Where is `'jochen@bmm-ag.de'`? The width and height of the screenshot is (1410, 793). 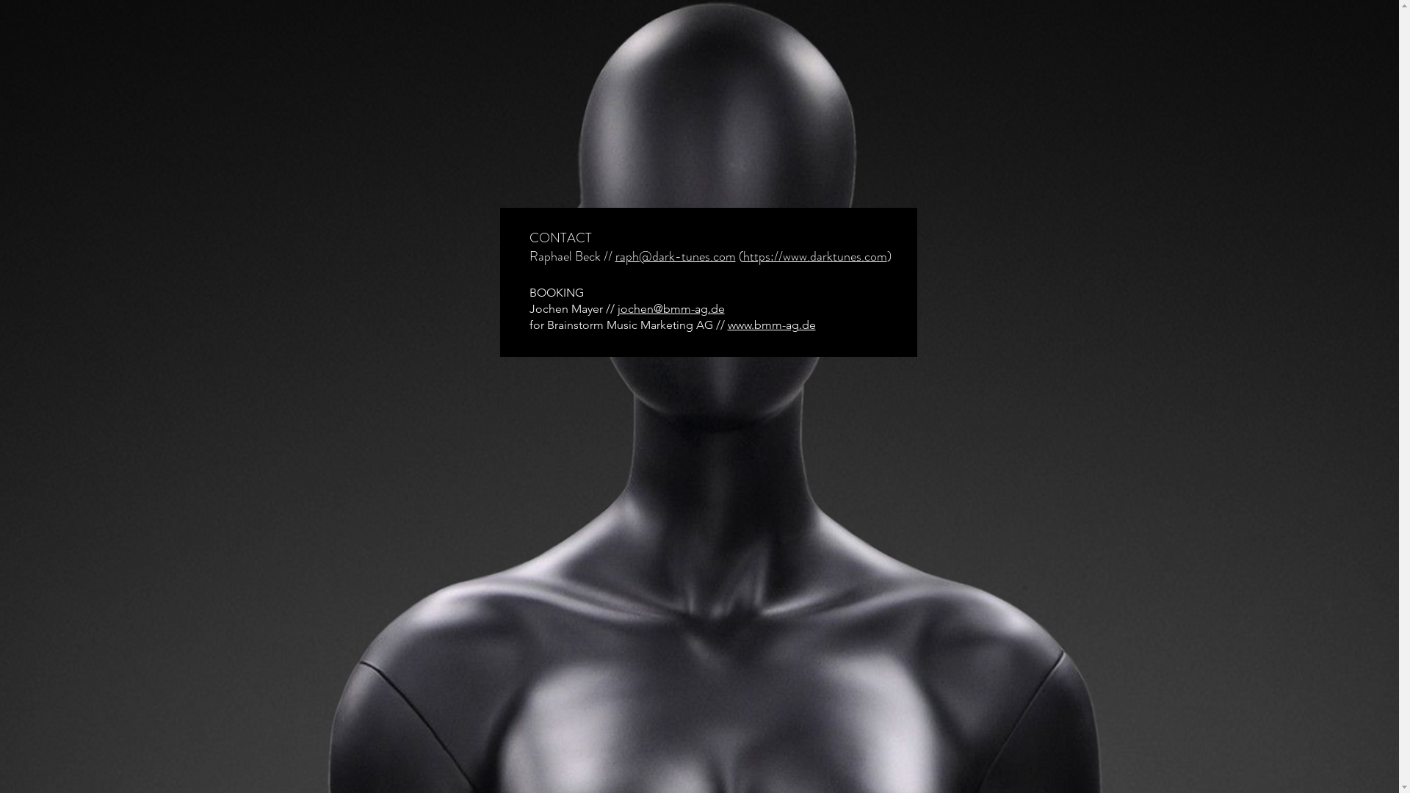
'jochen@bmm-ag.de' is located at coordinates (669, 308).